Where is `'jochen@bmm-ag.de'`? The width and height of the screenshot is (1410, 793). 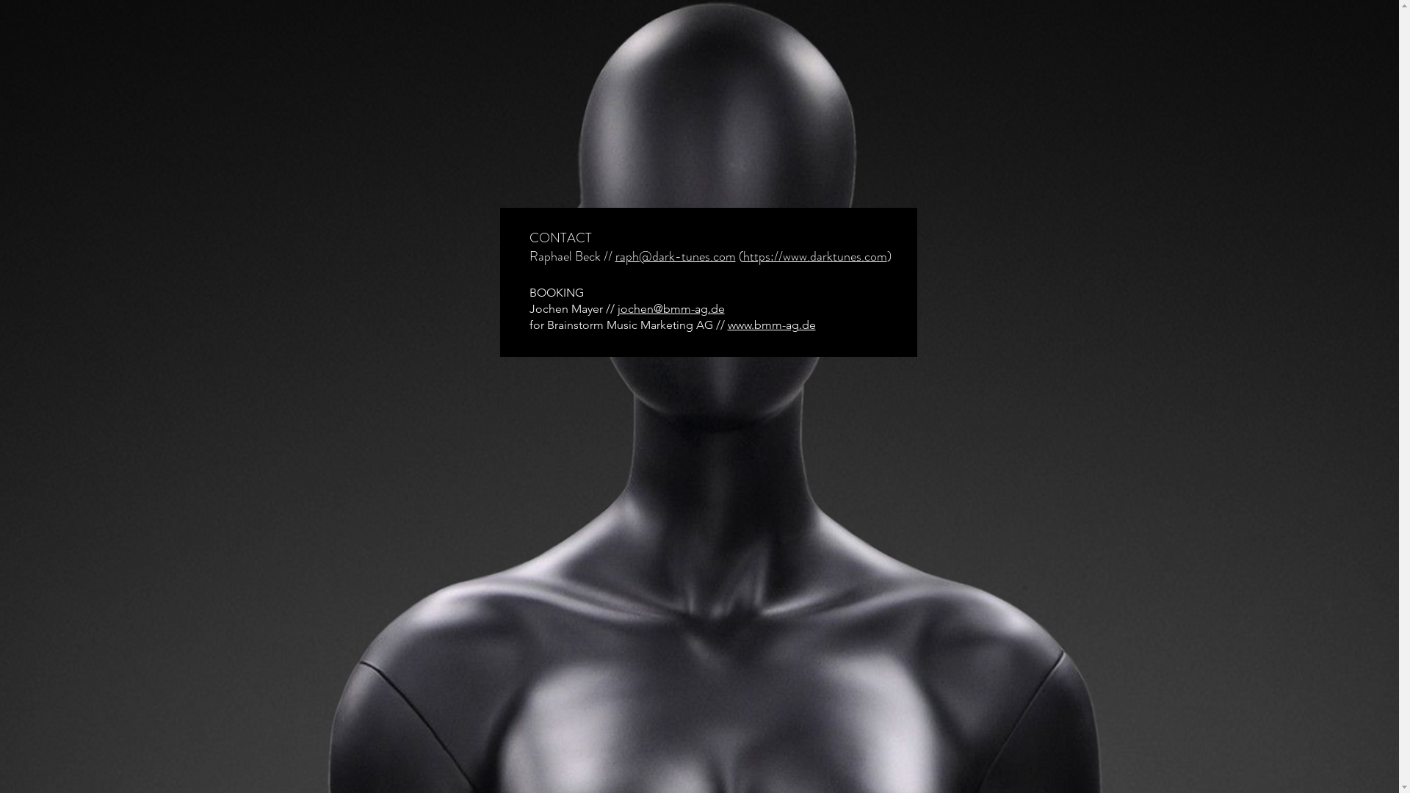
'jochen@bmm-ag.de' is located at coordinates (669, 308).